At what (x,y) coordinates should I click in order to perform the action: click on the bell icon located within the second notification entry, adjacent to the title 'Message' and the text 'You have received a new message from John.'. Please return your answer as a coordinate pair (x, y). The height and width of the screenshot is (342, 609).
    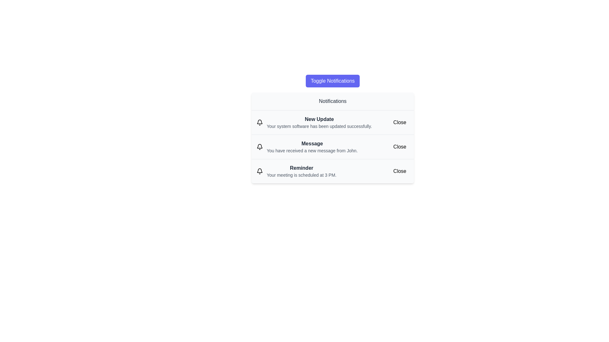
    Looking at the image, I should click on (260, 147).